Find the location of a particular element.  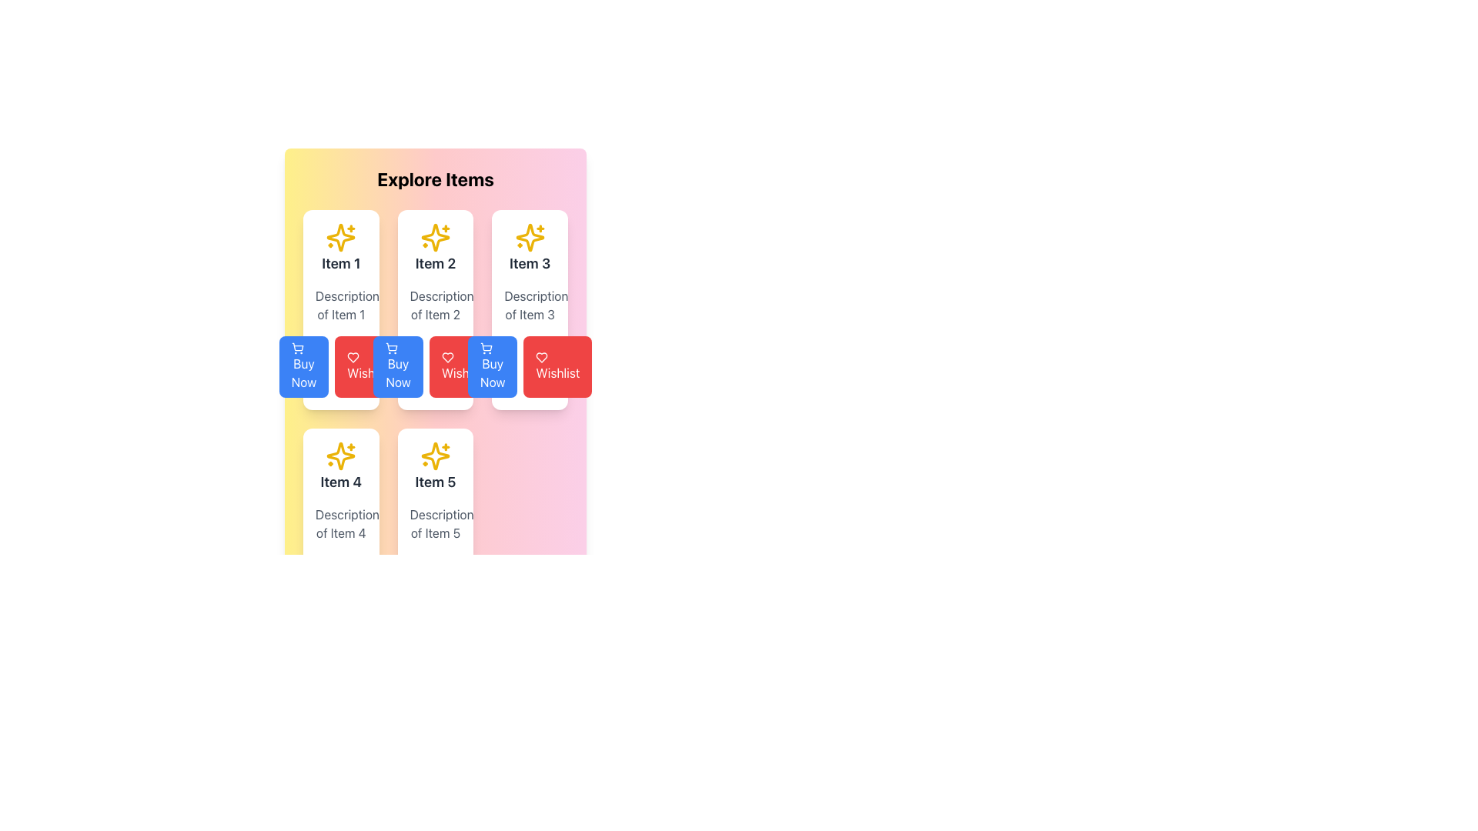

the red heart icon located in the third column of the 'Explore Items' grid, beneath 'Item 3 Description' and to the right of the 'Buy Now' button is located at coordinates (353, 358).